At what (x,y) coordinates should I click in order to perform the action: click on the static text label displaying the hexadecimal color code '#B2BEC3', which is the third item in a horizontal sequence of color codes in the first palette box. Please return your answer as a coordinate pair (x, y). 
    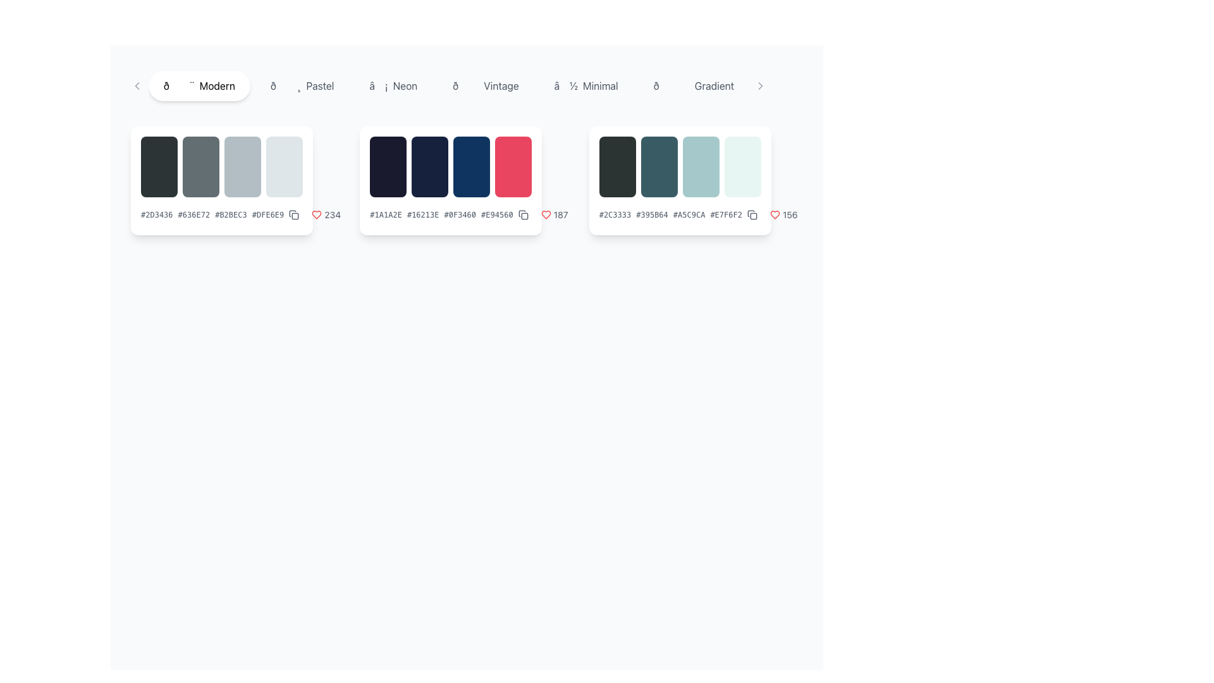
    Looking at the image, I should click on (231, 214).